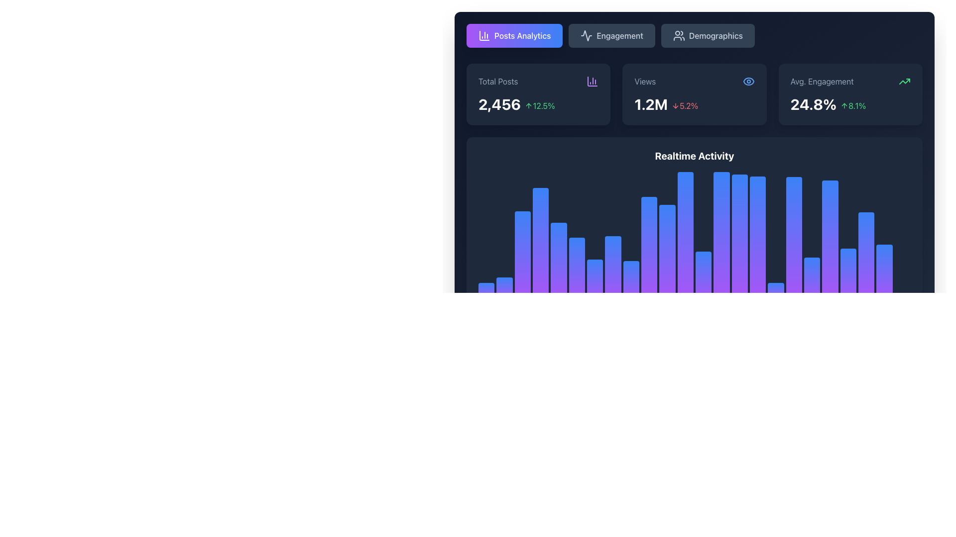  Describe the element at coordinates (703, 243) in the screenshot. I see `the thirteenth vertical bar in the bar chart, which has a gradient color from purple to blue and a rounded top, to filter data in the 'Realtime Activity' section` at that location.